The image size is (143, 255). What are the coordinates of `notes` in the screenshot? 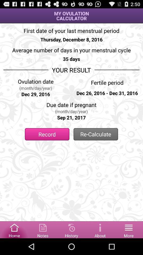 It's located at (43, 229).